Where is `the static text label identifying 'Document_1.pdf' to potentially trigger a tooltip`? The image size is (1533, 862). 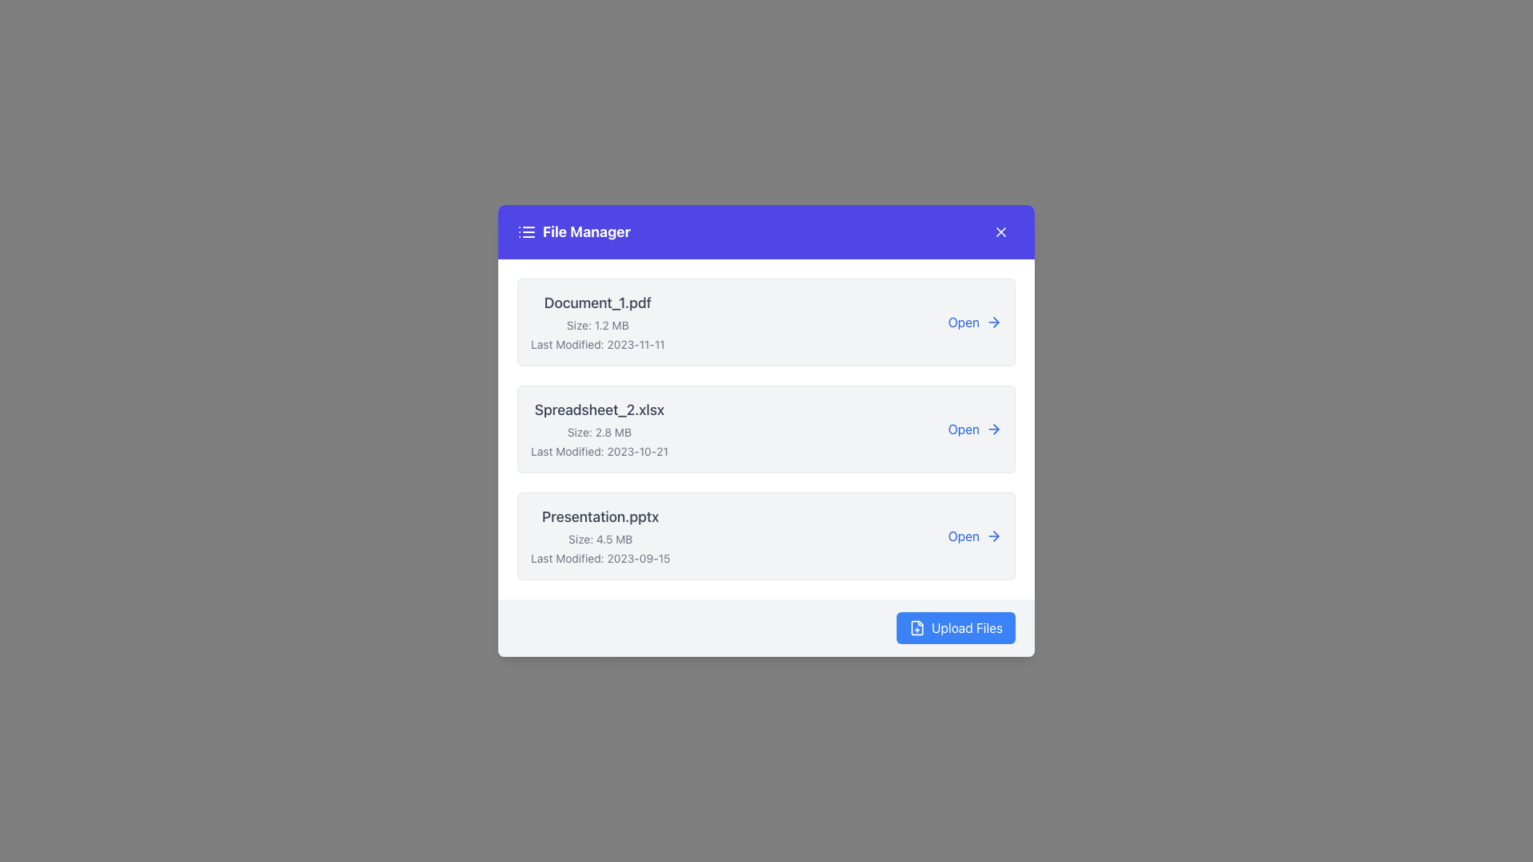 the static text label identifying 'Document_1.pdf' to potentially trigger a tooltip is located at coordinates (596, 303).